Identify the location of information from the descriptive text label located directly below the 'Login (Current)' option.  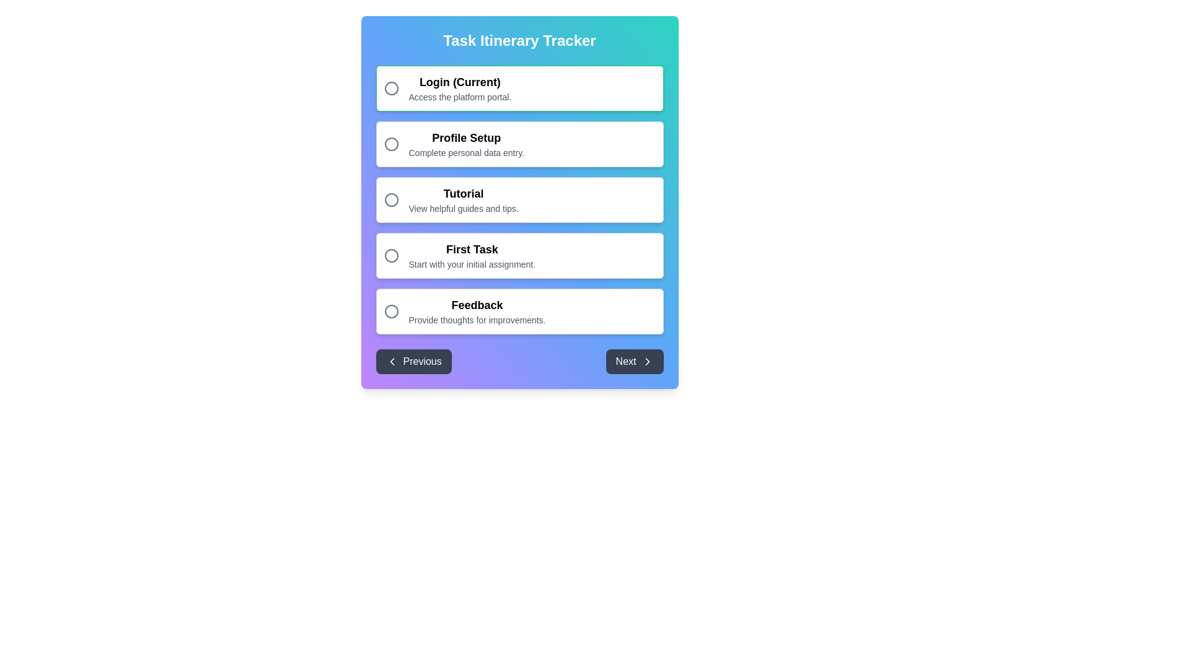
(459, 97).